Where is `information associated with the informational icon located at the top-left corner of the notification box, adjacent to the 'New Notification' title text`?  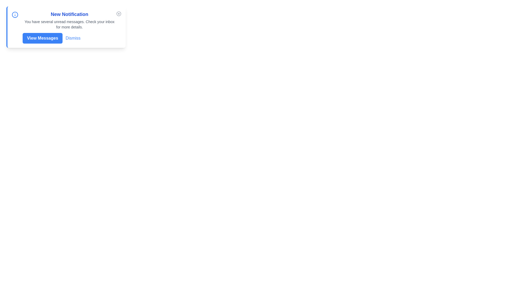
information associated with the informational icon located at the top-left corner of the notification box, adjacent to the 'New Notification' title text is located at coordinates (15, 15).